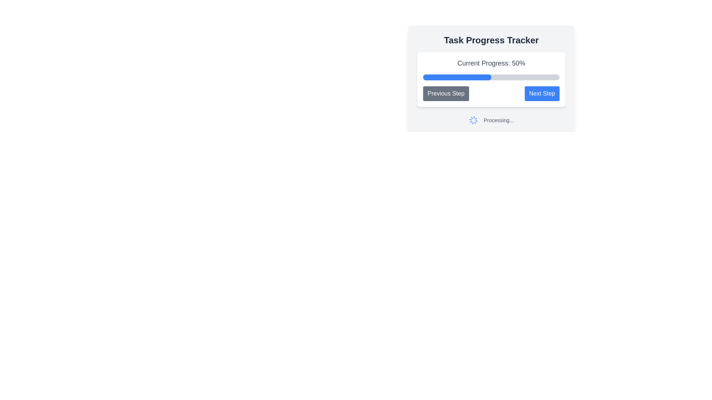 The width and height of the screenshot is (712, 400). What do you see at coordinates (445, 93) in the screenshot?
I see `the 'Previous Step' button` at bounding box center [445, 93].